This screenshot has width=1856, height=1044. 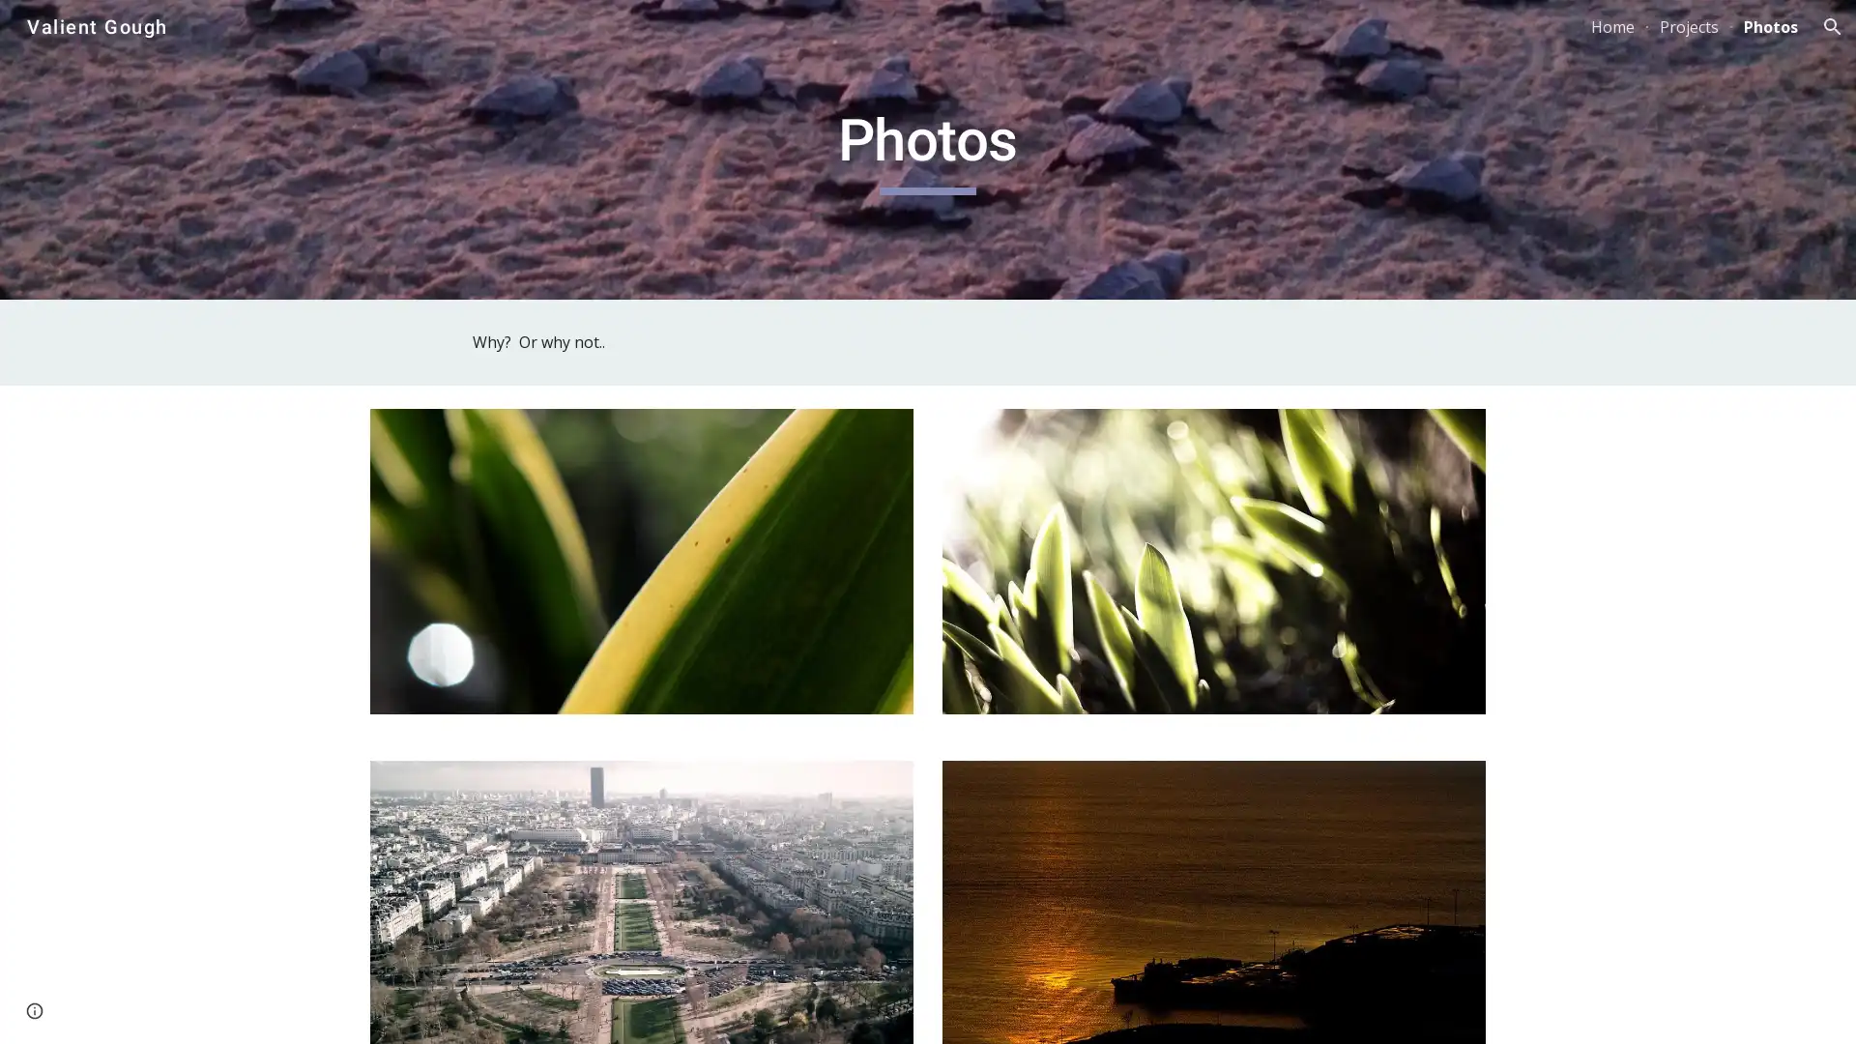 I want to click on Report abuse, so click(x=232, y=1009).